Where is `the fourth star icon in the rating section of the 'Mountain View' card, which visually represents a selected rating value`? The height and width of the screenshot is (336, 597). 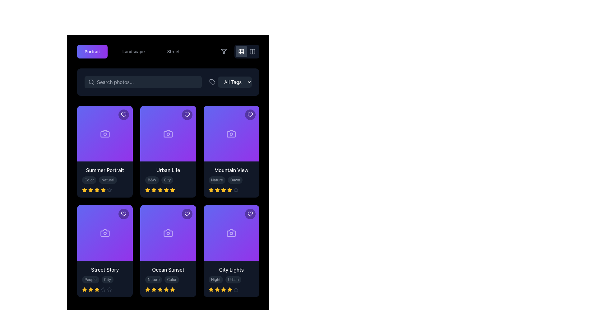 the fourth star icon in the rating section of the 'Mountain View' card, which visually represents a selected rating value is located at coordinates (229, 190).